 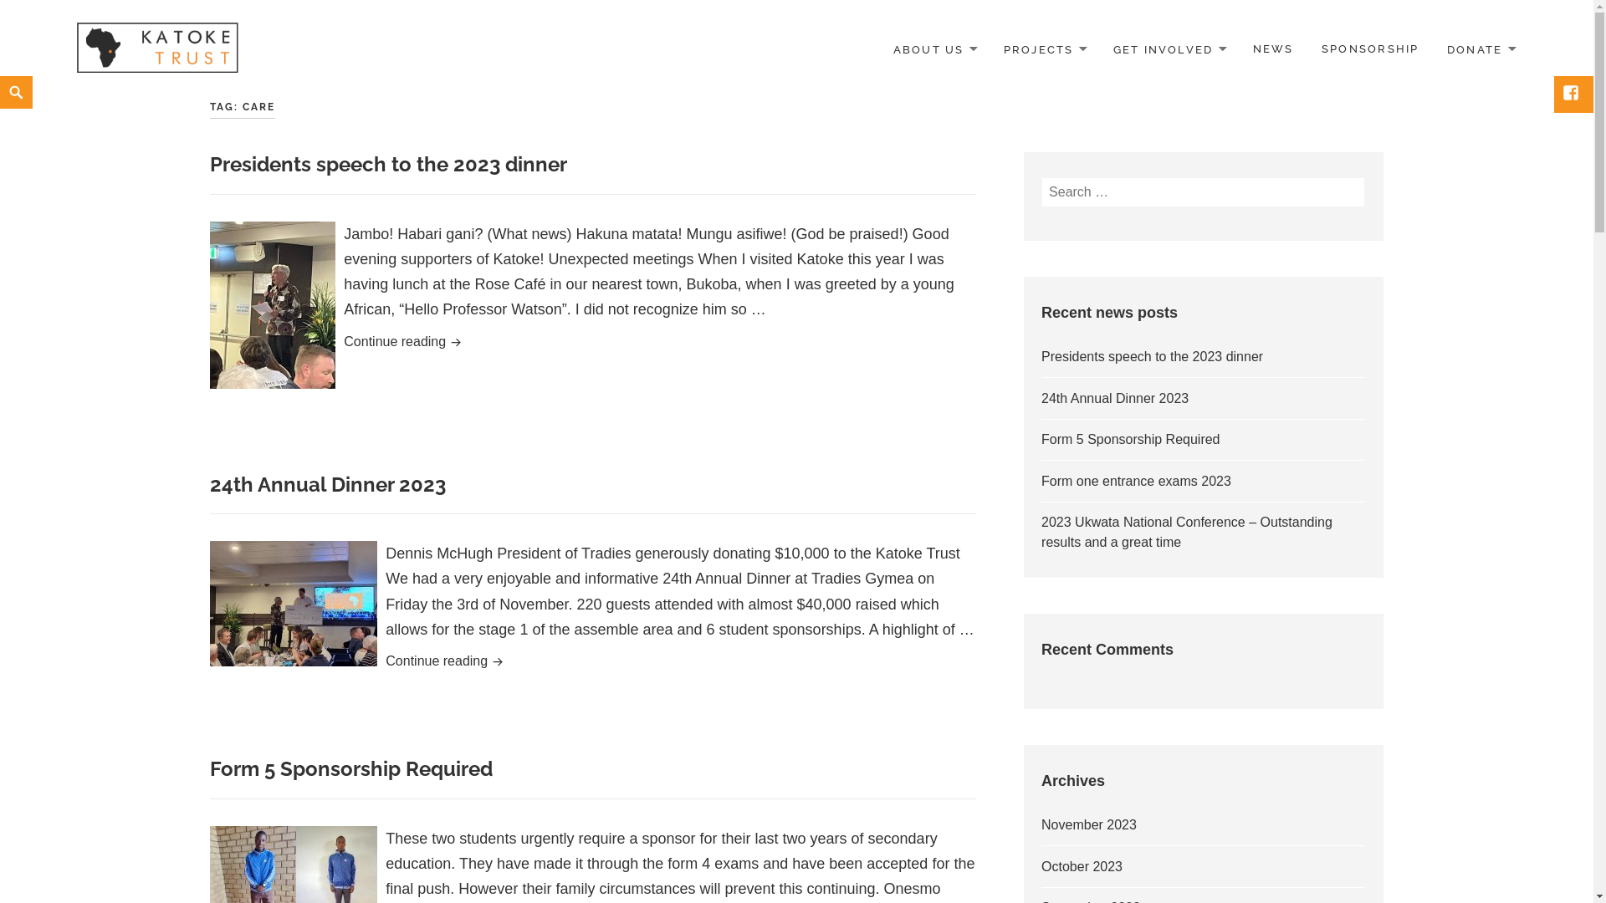 I want to click on 'NEWS', so click(x=1272, y=48).